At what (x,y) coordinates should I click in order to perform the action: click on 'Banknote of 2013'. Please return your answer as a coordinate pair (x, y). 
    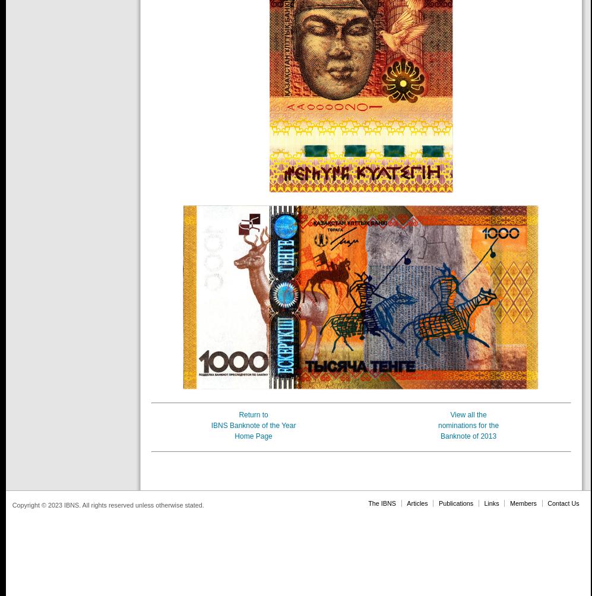
    Looking at the image, I should click on (468, 436).